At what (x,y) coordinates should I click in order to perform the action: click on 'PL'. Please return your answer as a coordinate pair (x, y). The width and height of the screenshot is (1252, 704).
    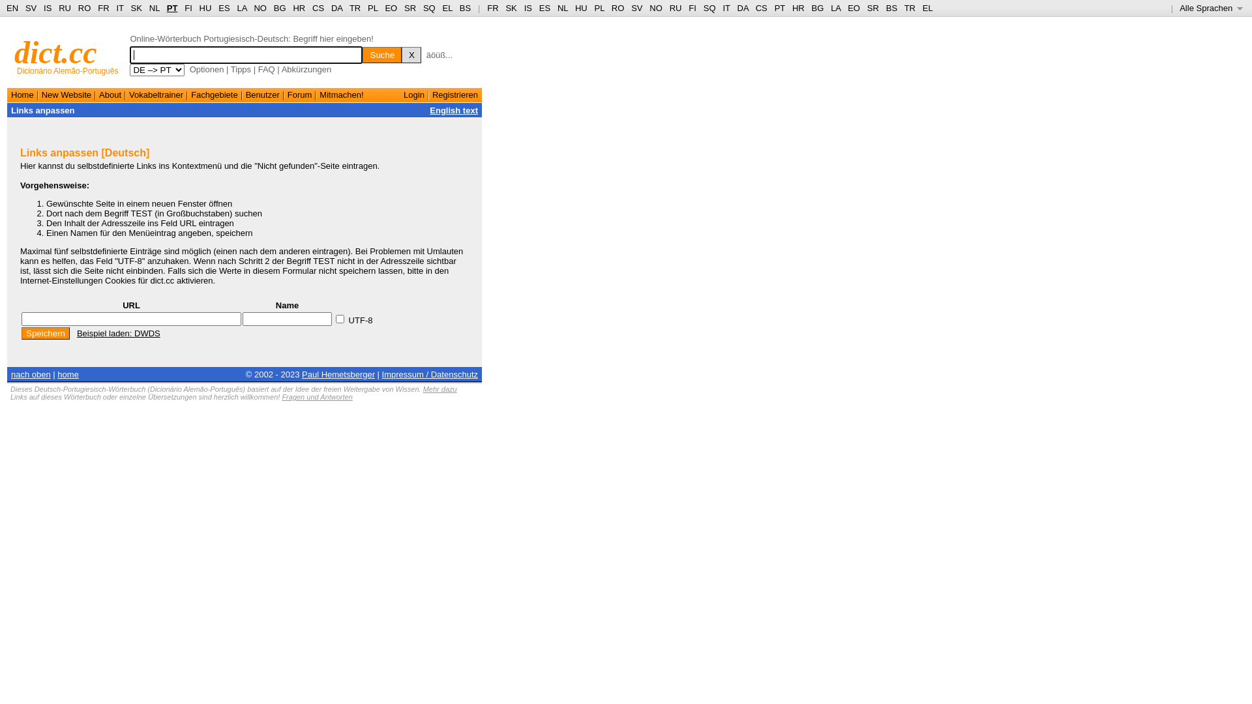
    Looking at the image, I should click on (599, 8).